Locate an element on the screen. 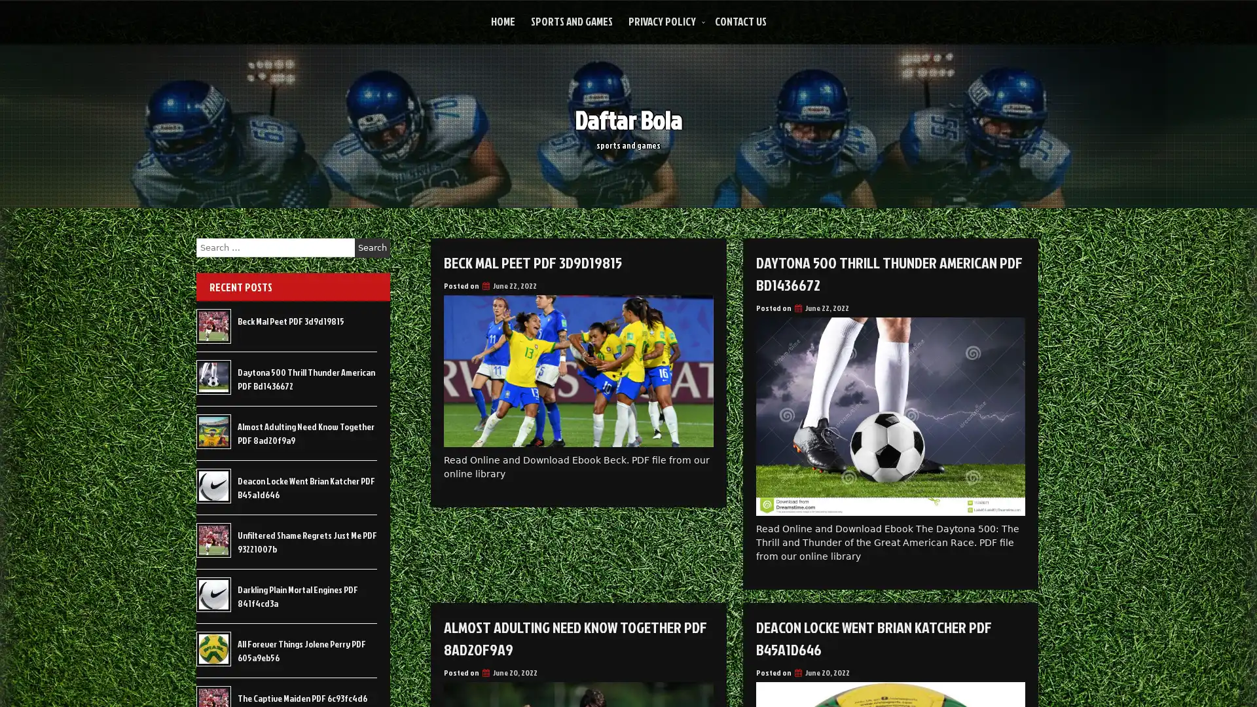  Search is located at coordinates (372, 247).